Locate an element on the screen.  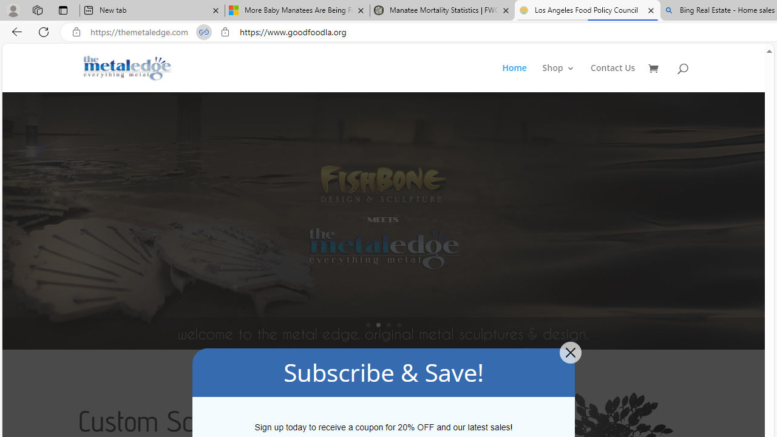
'Los Angeles Food Policy Council' is located at coordinates (587, 10).